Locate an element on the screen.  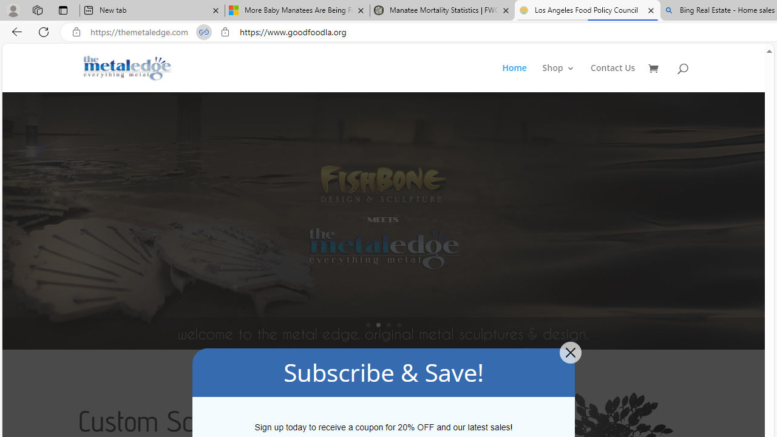
'Los Angeles Food Policy Council' is located at coordinates (587, 10).